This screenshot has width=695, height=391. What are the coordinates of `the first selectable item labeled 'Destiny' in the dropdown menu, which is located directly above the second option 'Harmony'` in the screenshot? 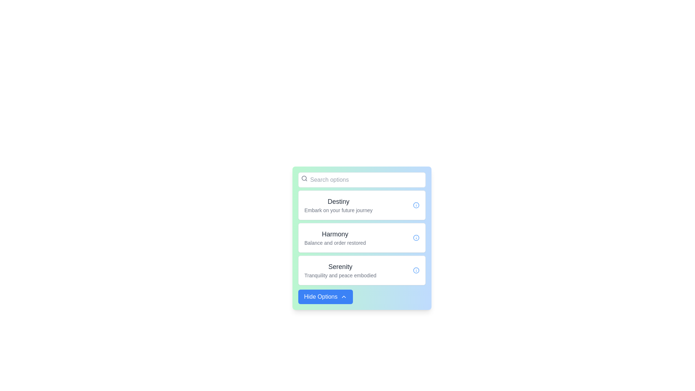 It's located at (362, 205).